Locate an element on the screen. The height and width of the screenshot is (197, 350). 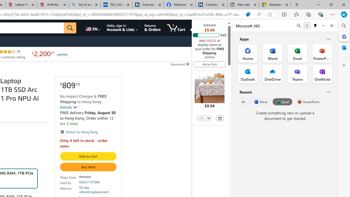
'Go to Cart' is located at coordinates (209, 64).